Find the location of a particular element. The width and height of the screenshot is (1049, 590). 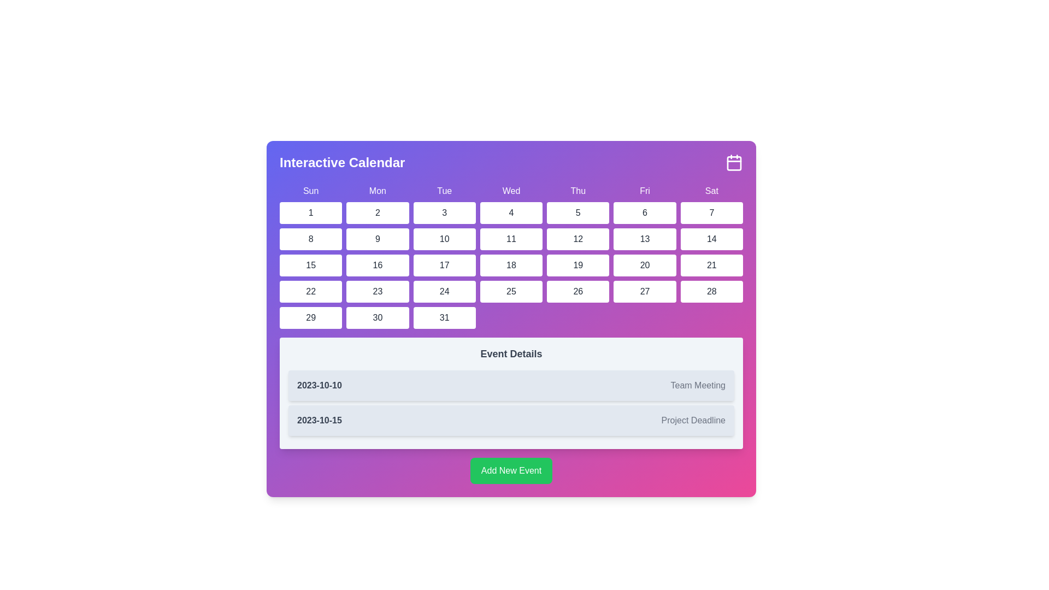

the text label indicating the project deadline in the 'Event Details' section, located to the right of the date '2023-10-15' is located at coordinates (693, 420).